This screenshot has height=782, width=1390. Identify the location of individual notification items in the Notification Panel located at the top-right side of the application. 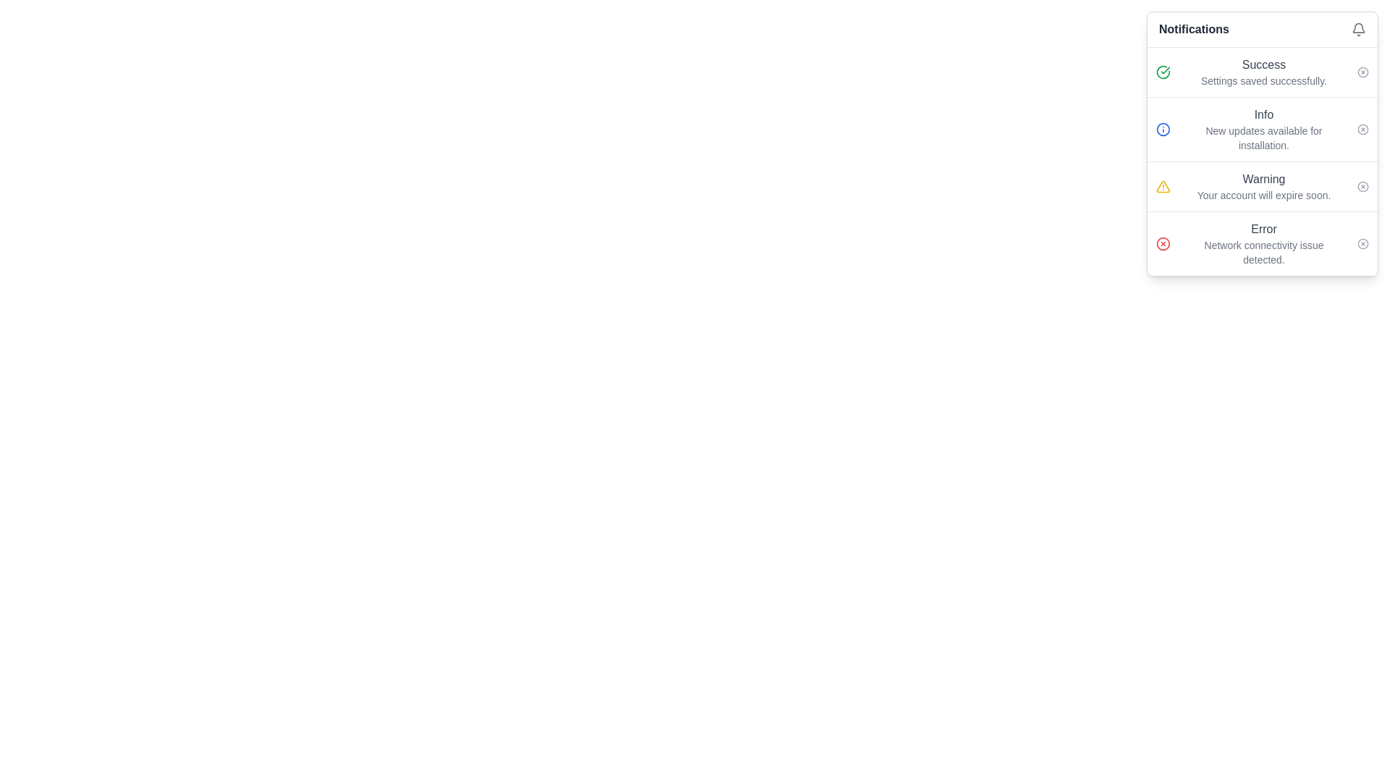
(1261, 144).